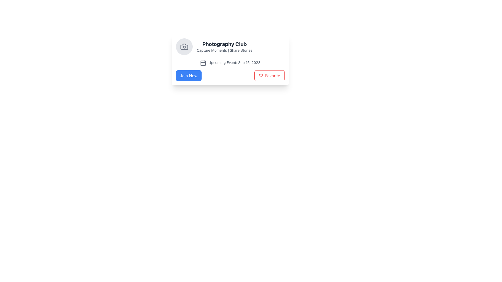  Describe the element at coordinates (203, 62) in the screenshot. I see `the gray calendar icon, which has a square outline and a line across the top, located to the left of the text 'Upcoming Event: Sep 15, 2023'` at that location.